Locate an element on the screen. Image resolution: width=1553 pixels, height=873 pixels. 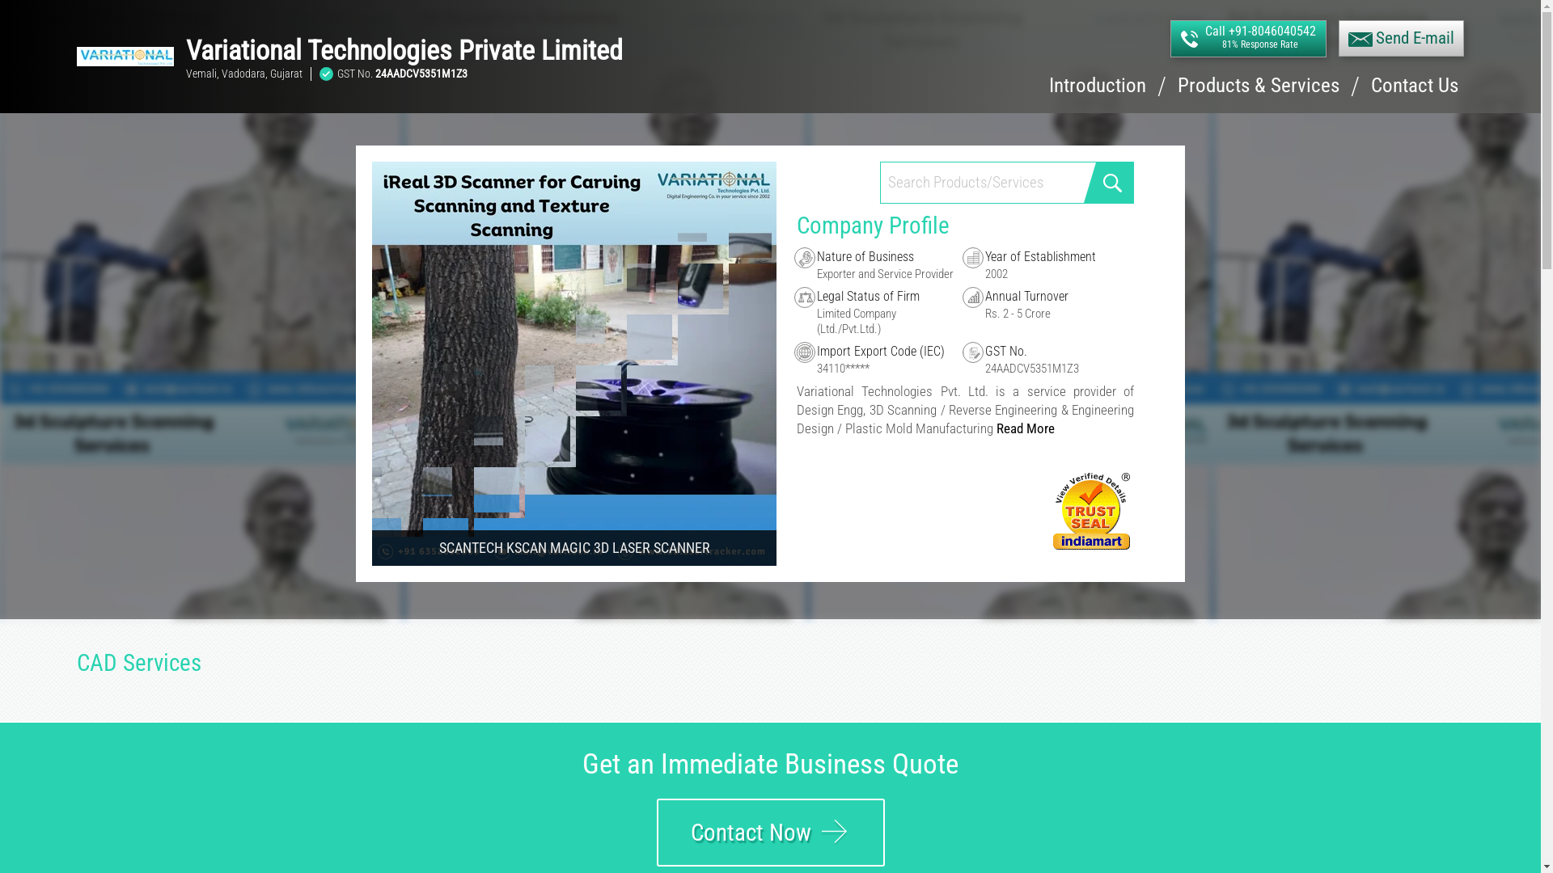
'Products & Services' is located at coordinates (1177, 94).